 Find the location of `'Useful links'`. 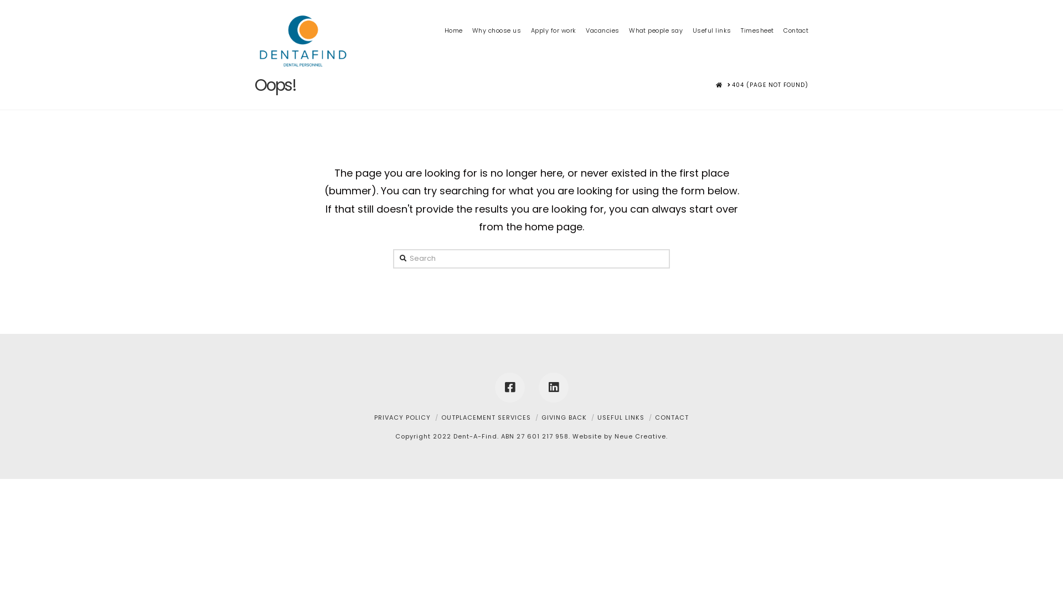

'Useful links' is located at coordinates (687, 13).